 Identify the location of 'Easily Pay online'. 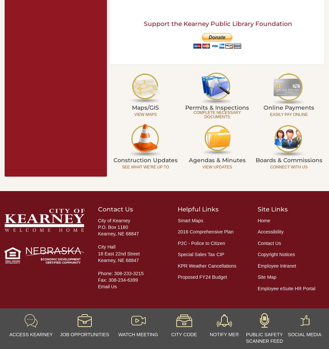
(289, 114).